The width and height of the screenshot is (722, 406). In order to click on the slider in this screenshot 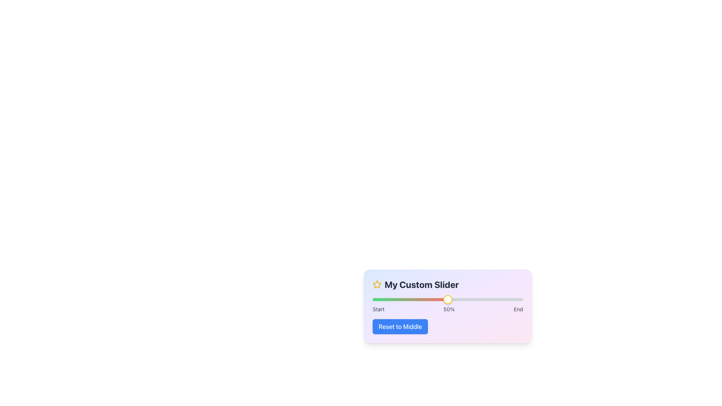, I will do `click(479, 299)`.